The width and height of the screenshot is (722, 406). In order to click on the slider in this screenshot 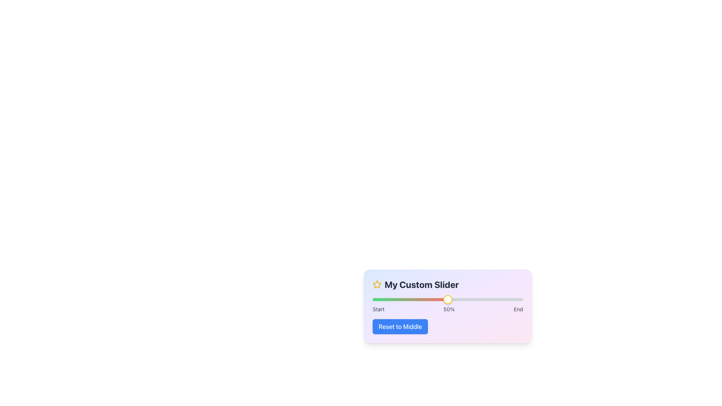, I will do `click(479, 299)`.